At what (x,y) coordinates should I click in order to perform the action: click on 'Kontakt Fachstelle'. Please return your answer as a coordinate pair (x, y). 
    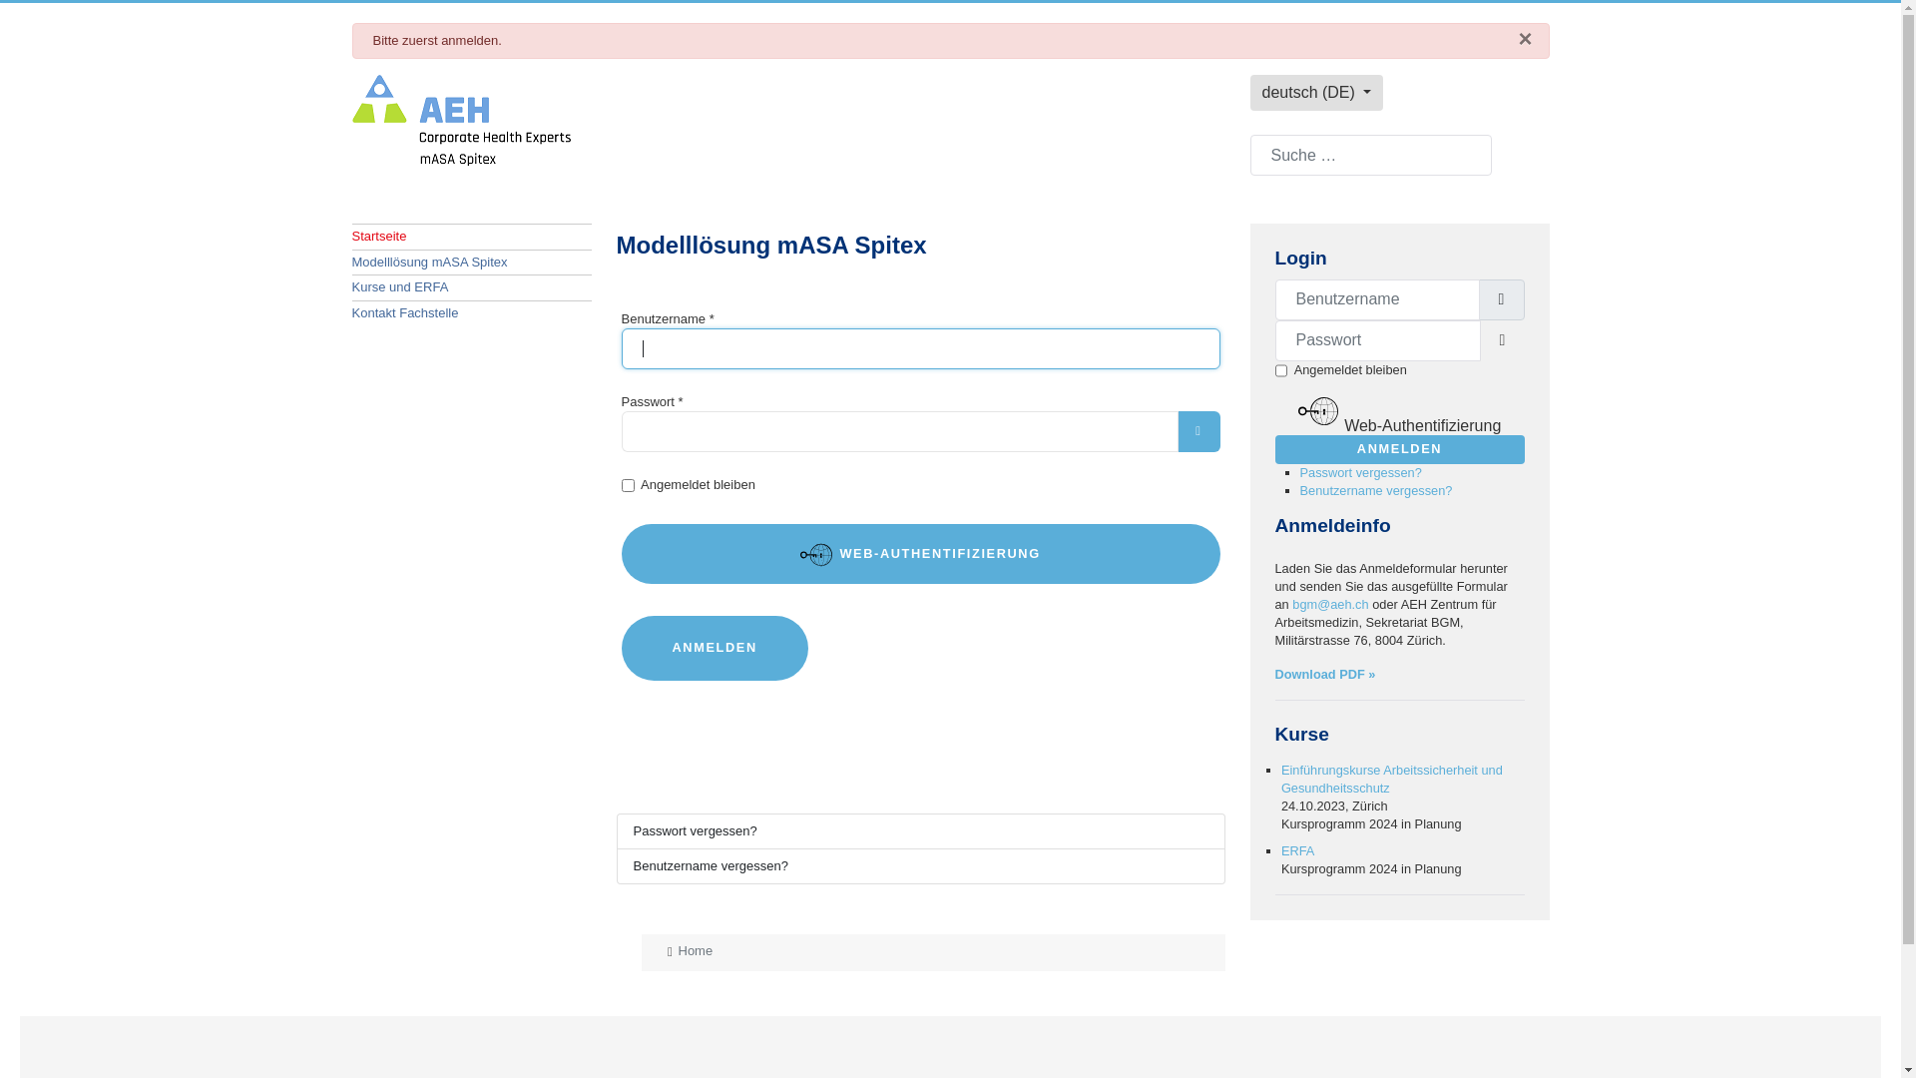
    Looking at the image, I should click on (469, 312).